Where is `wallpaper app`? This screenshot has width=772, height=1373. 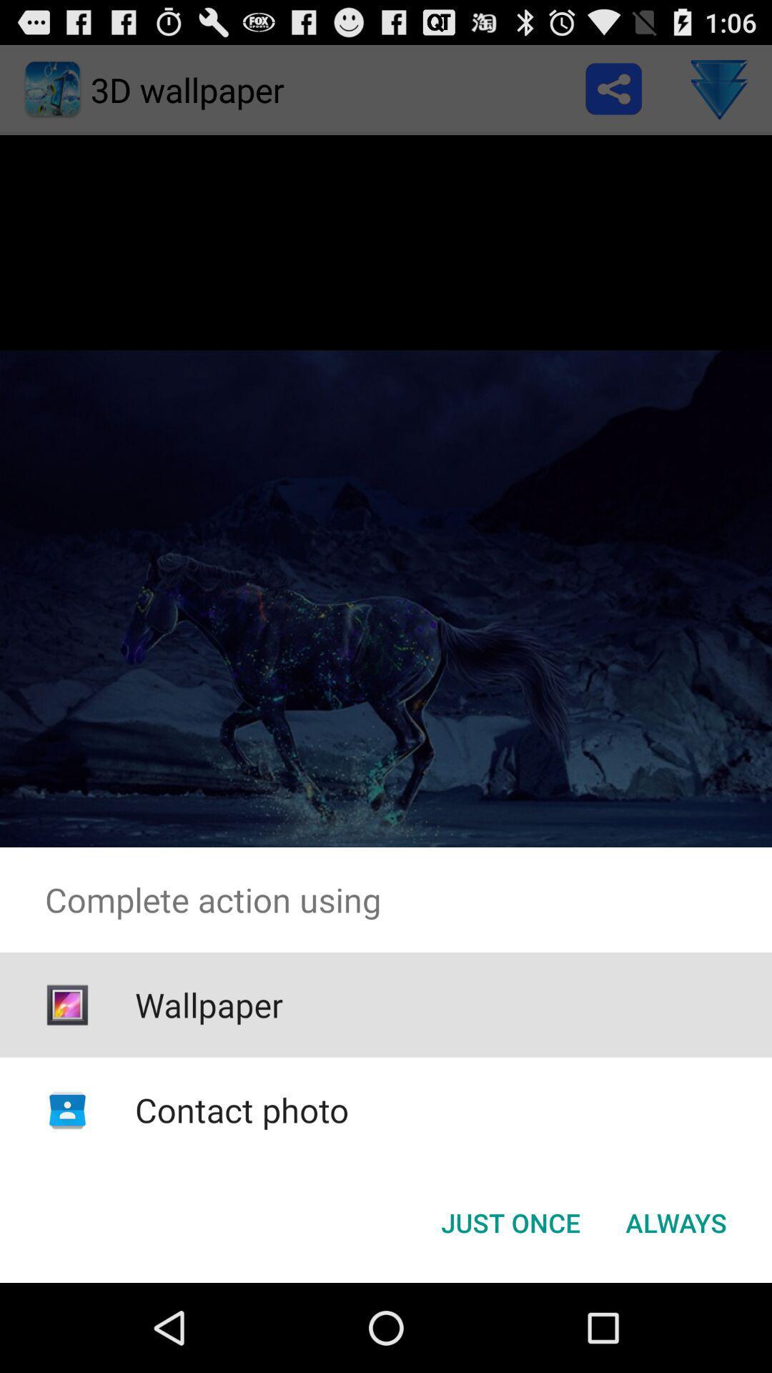 wallpaper app is located at coordinates (209, 1004).